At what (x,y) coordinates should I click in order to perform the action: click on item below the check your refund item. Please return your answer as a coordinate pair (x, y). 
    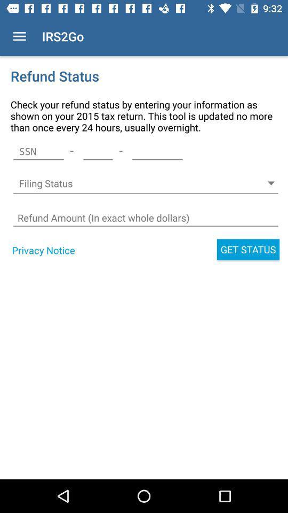
    Looking at the image, I should click on (98, 151).